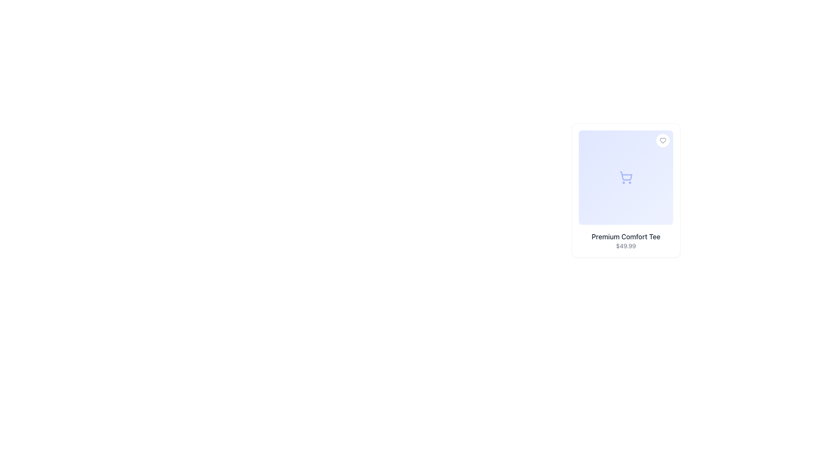 The height and width of the screenshot is (459, 816). I want to click on the circular button with a heart outline icon located in the top-right corner of the product card, so click(663, 140).